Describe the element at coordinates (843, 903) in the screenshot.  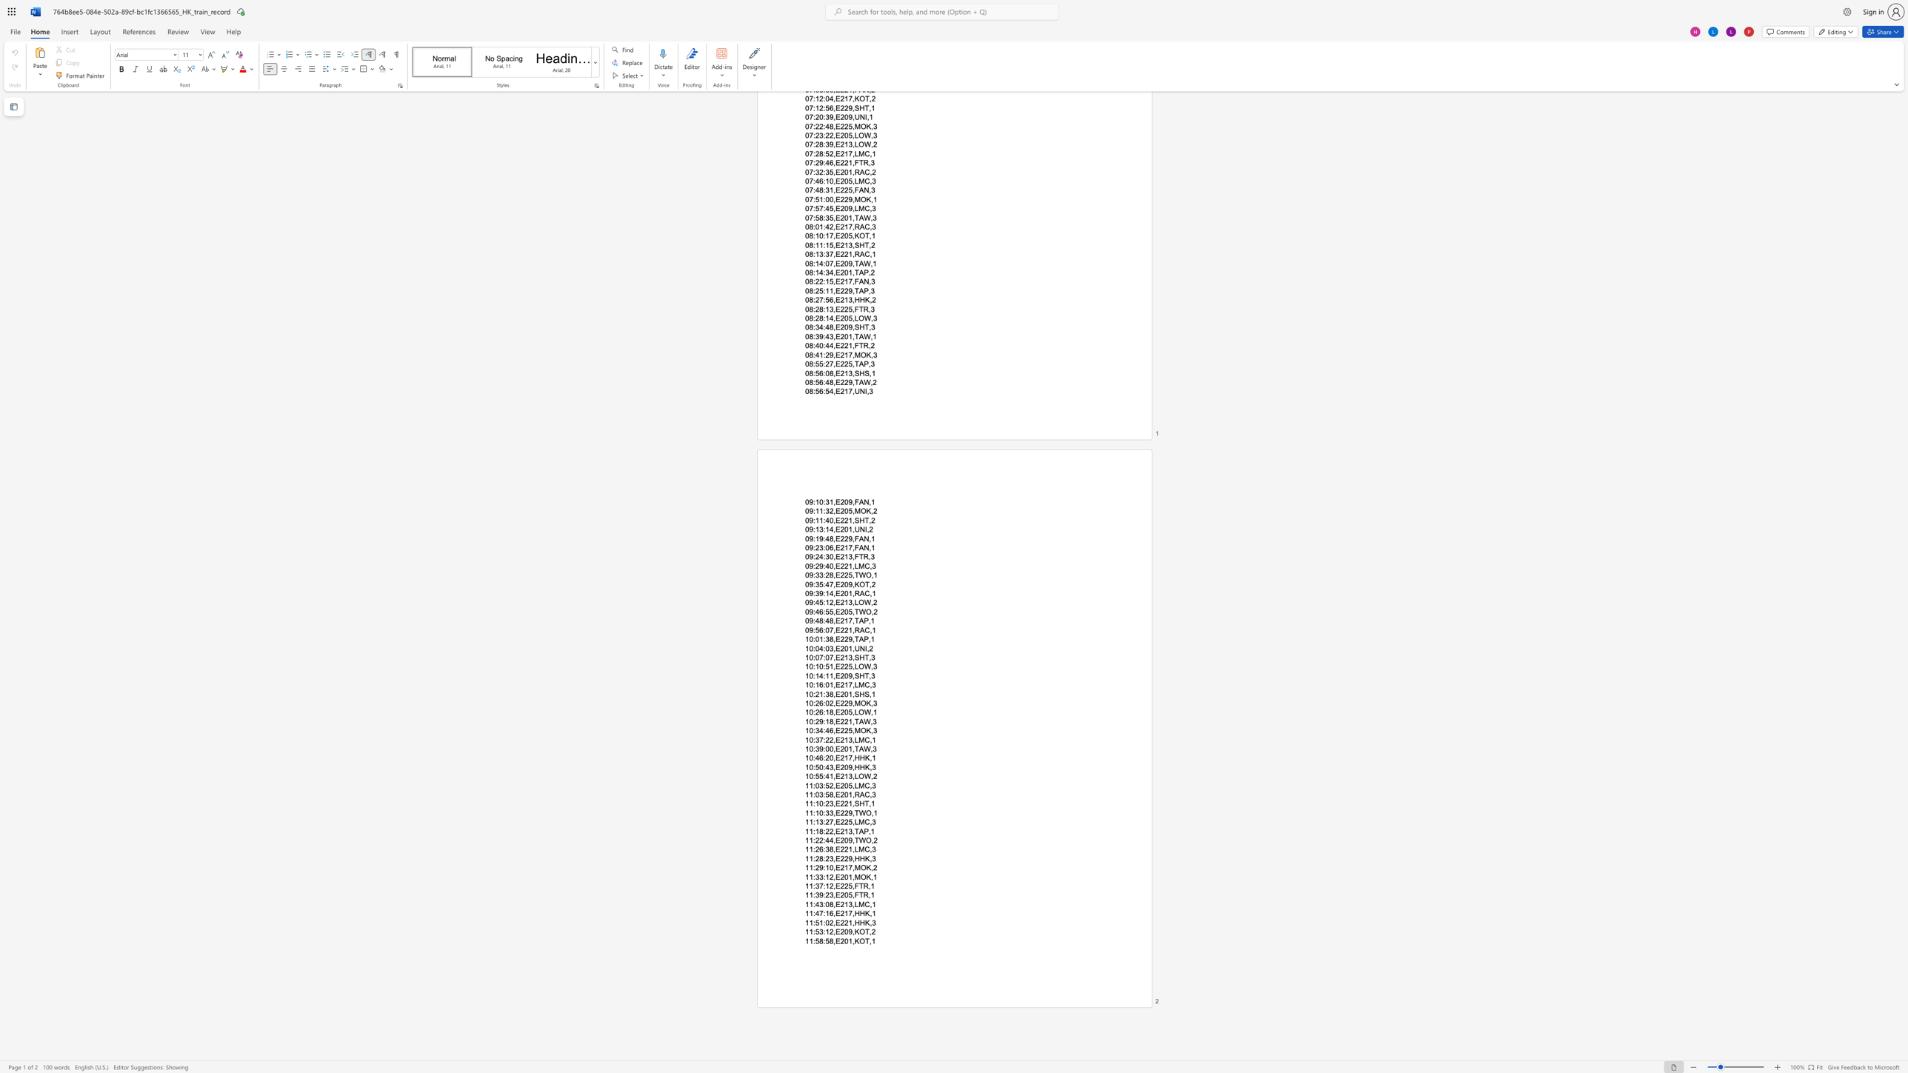
I see `the subset text "13," within the text "11:43:08,E213,LMC,1"` at that location.